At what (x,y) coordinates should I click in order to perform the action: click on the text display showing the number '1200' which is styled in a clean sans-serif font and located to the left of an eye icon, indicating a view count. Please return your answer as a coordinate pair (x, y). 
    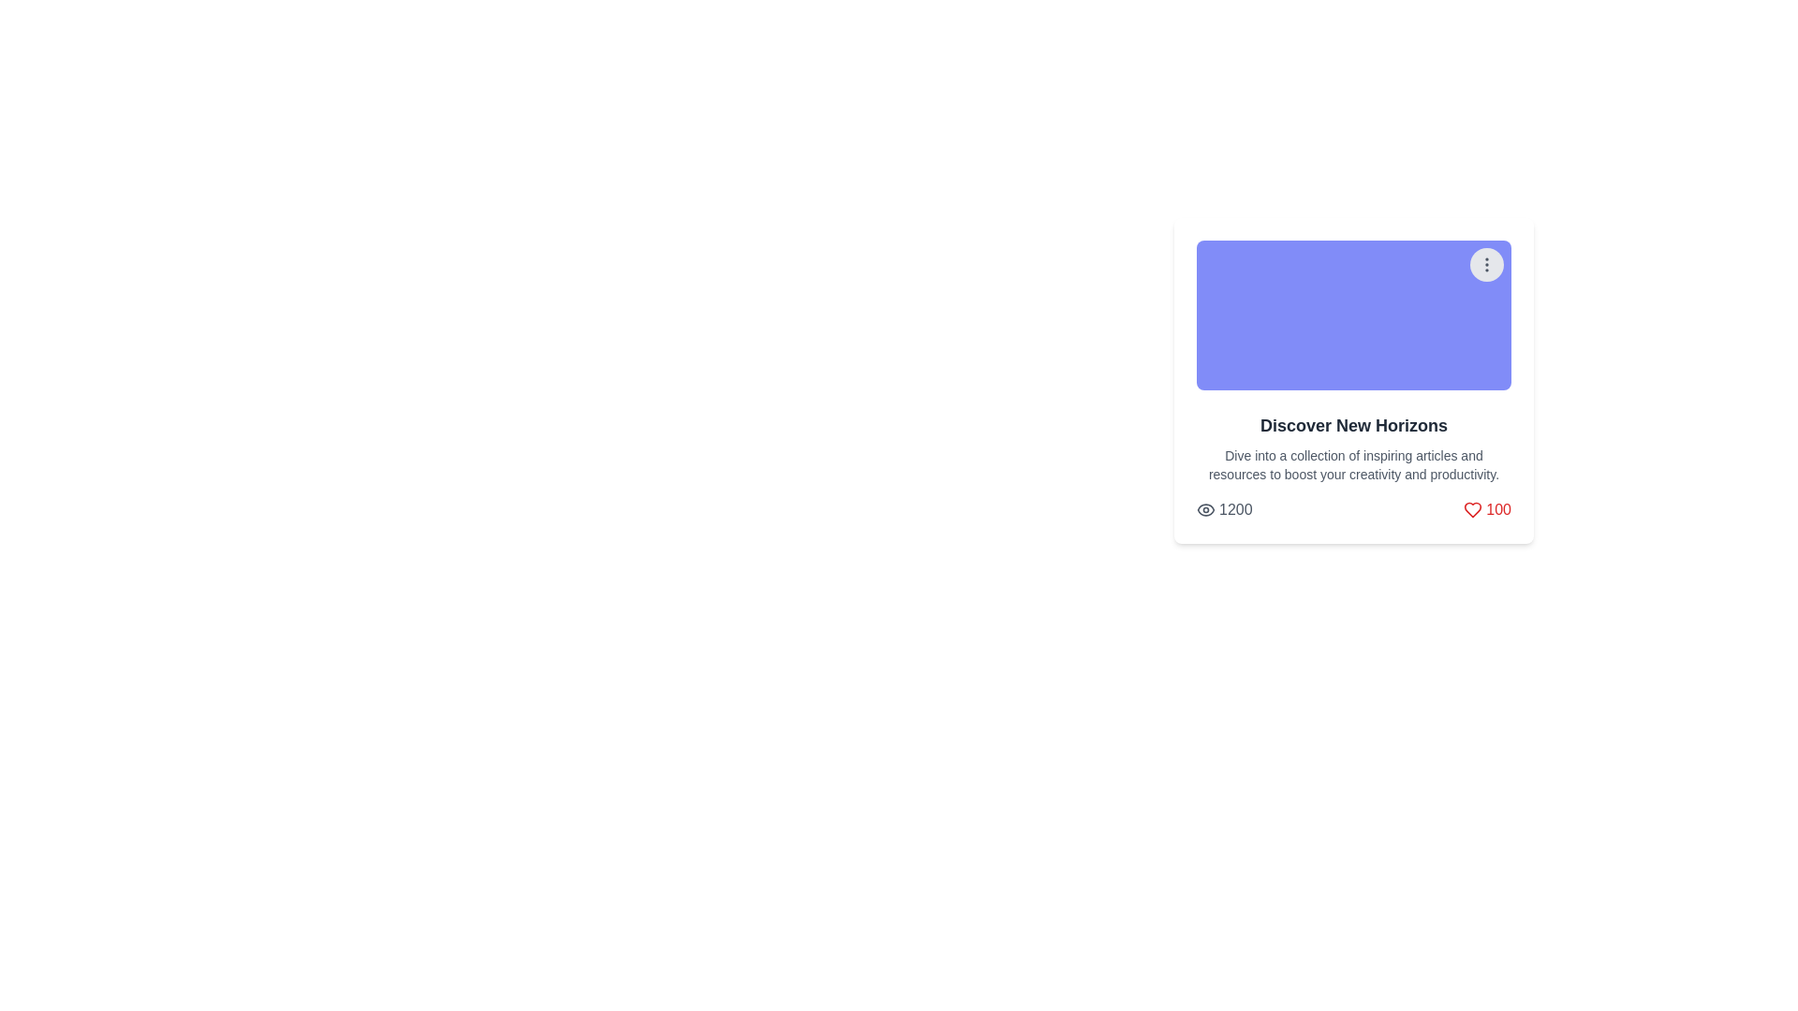
    Looking at the image, I should click on (1224, 509).